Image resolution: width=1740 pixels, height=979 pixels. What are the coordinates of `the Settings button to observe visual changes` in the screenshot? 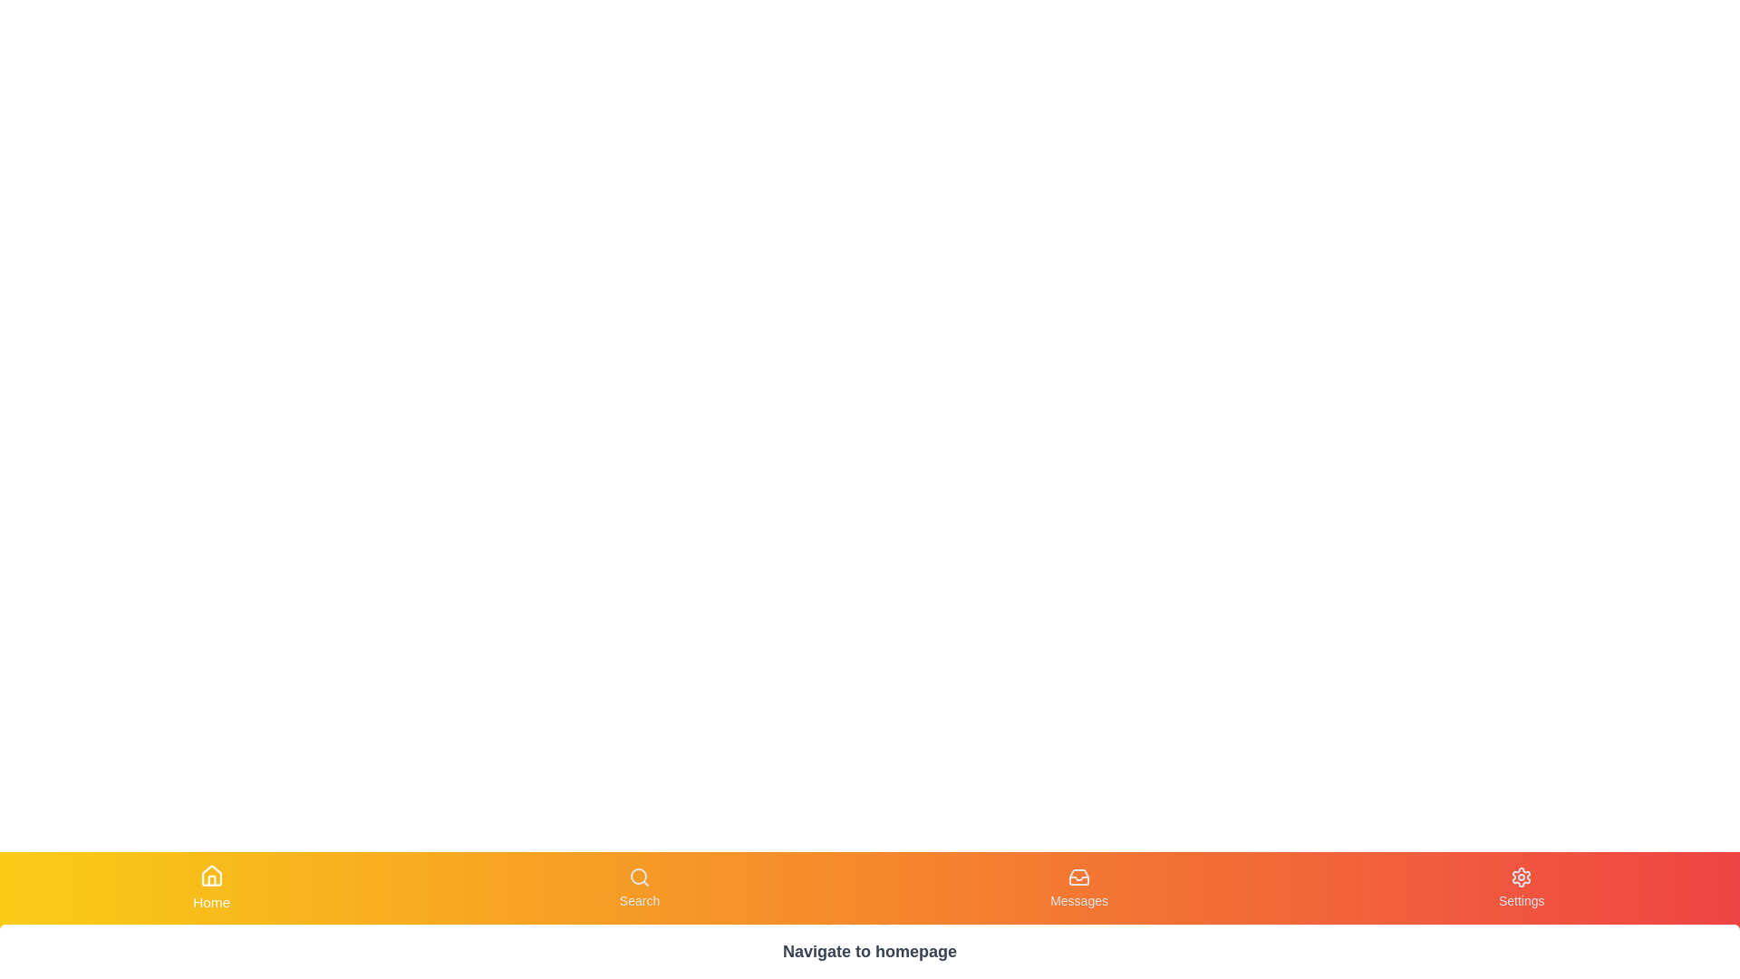 It's located at (1522, 887).